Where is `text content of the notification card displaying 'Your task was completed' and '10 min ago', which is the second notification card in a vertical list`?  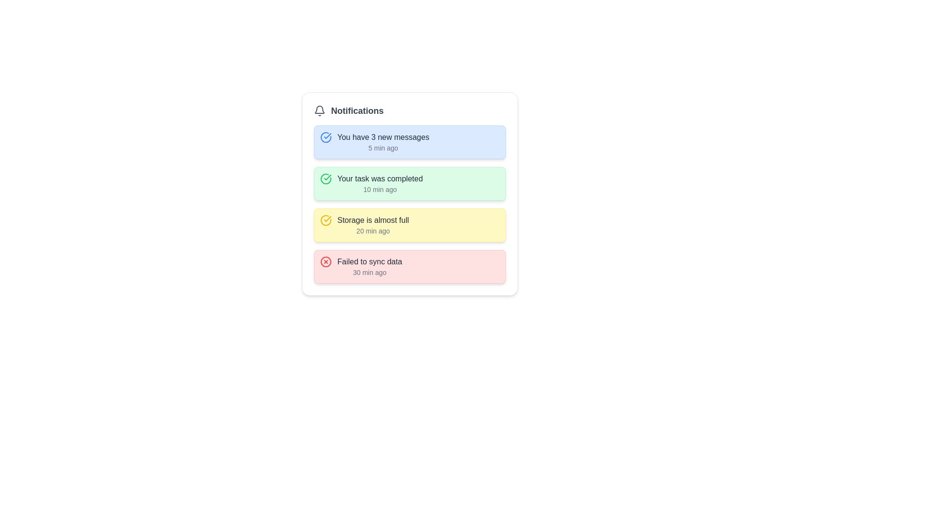
text content of the notification card displaying 'Your task was completed' and '10 min ago', which is the second notification card in a vertical list is located at coordinates (380, 184).